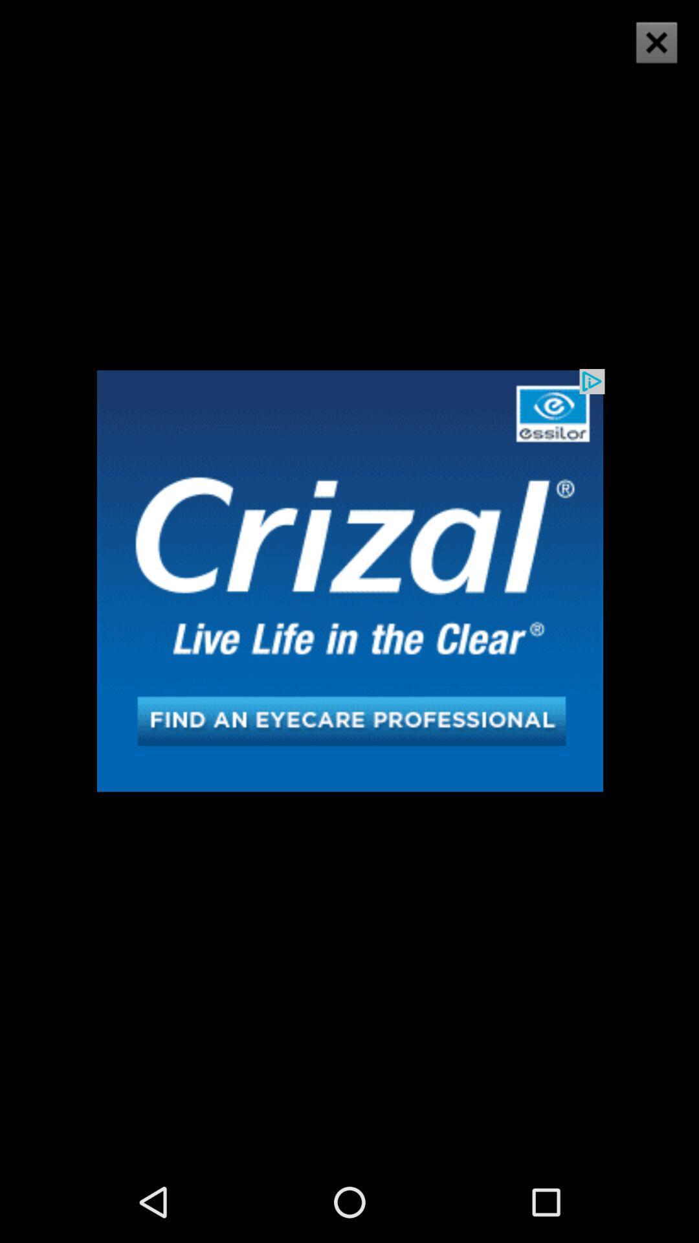  What do you see at coordinates (656, 45) in the screenshot?
I see `the close icon` at bounding box center [656, 45].